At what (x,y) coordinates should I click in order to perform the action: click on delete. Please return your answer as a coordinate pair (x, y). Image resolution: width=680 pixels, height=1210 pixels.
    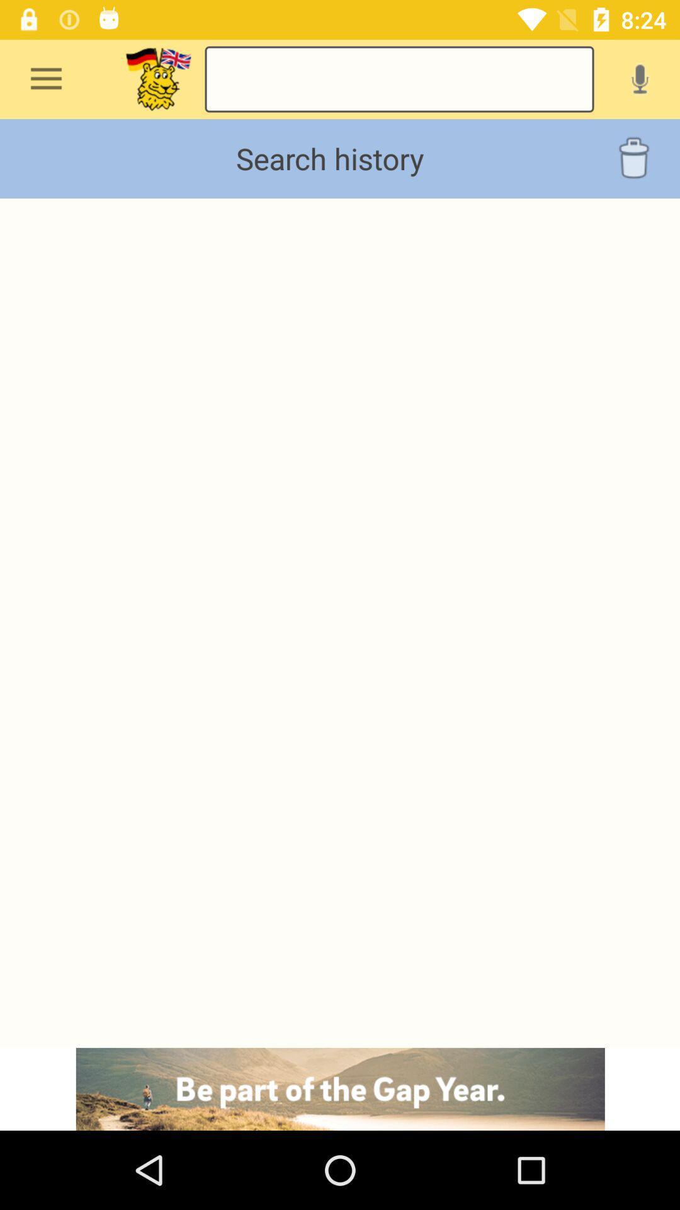
    Looking at the image, I should click on (633, 158).